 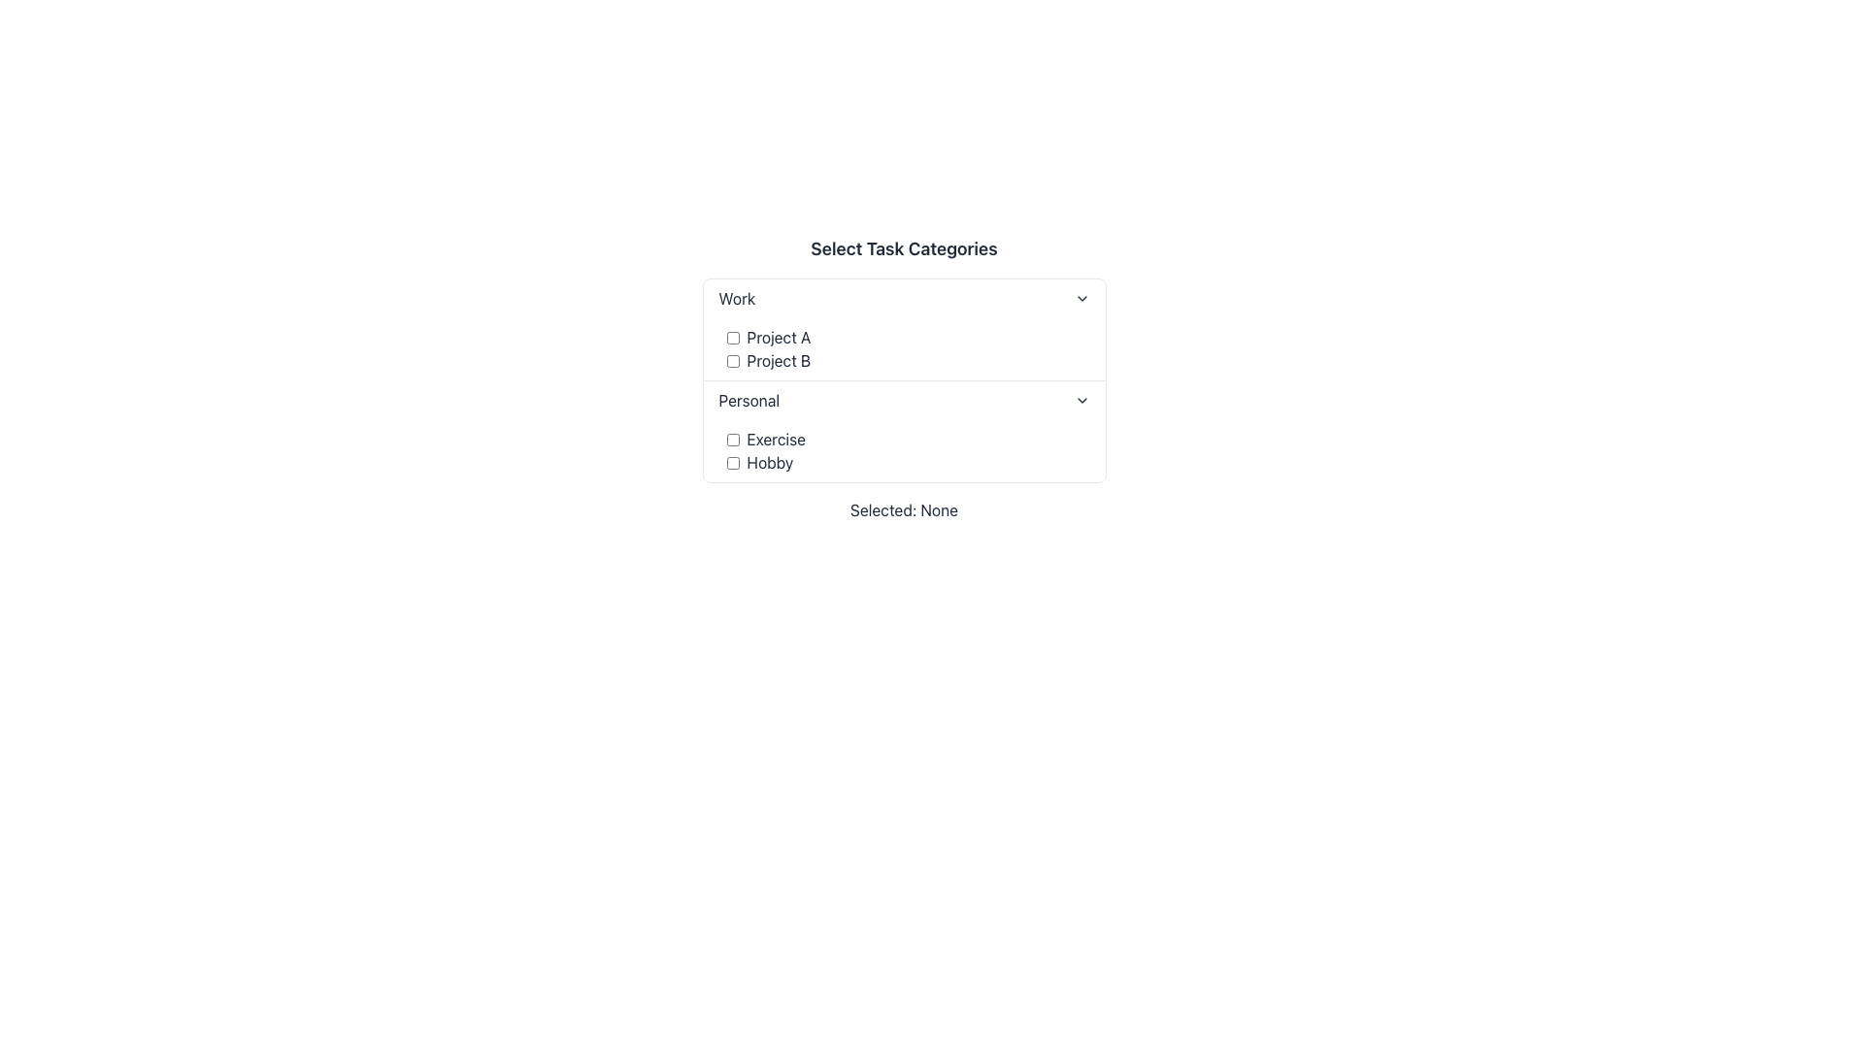 I want to click on text label 'Personal' located in the 'Select Task Categories' dropdown section, beneath the 'Work' section, so click(x=748, y=399).